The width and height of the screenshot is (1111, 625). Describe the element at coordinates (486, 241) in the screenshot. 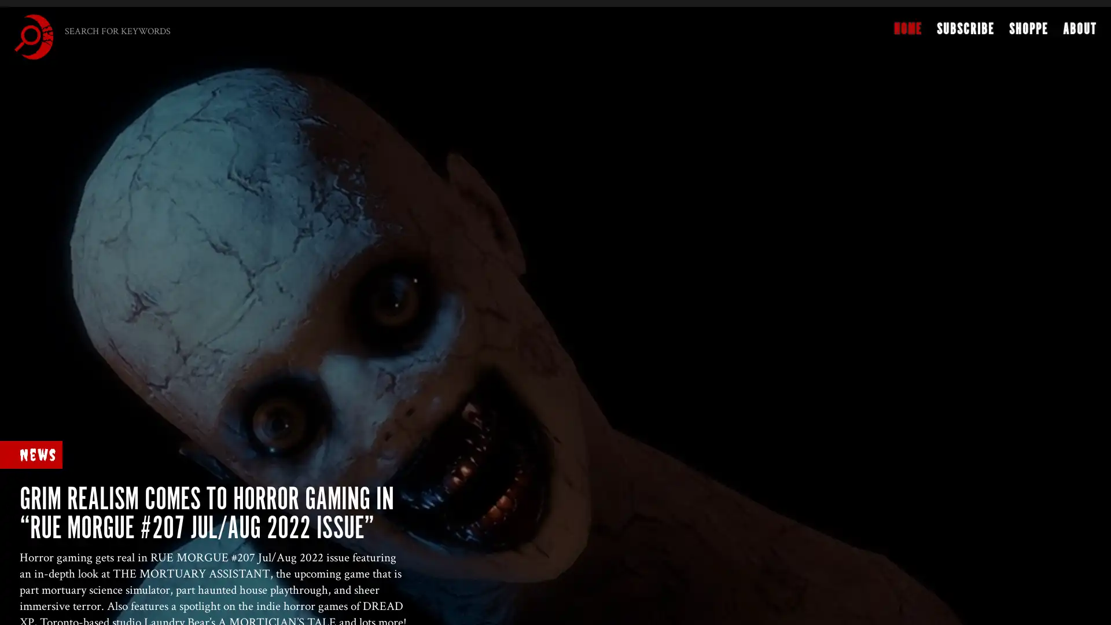

I see `Subscribe today and have your name automatically entered to win a MURDER MYSTERY BOX, courtesy of Deadbolt Mystery Society!` at that location.